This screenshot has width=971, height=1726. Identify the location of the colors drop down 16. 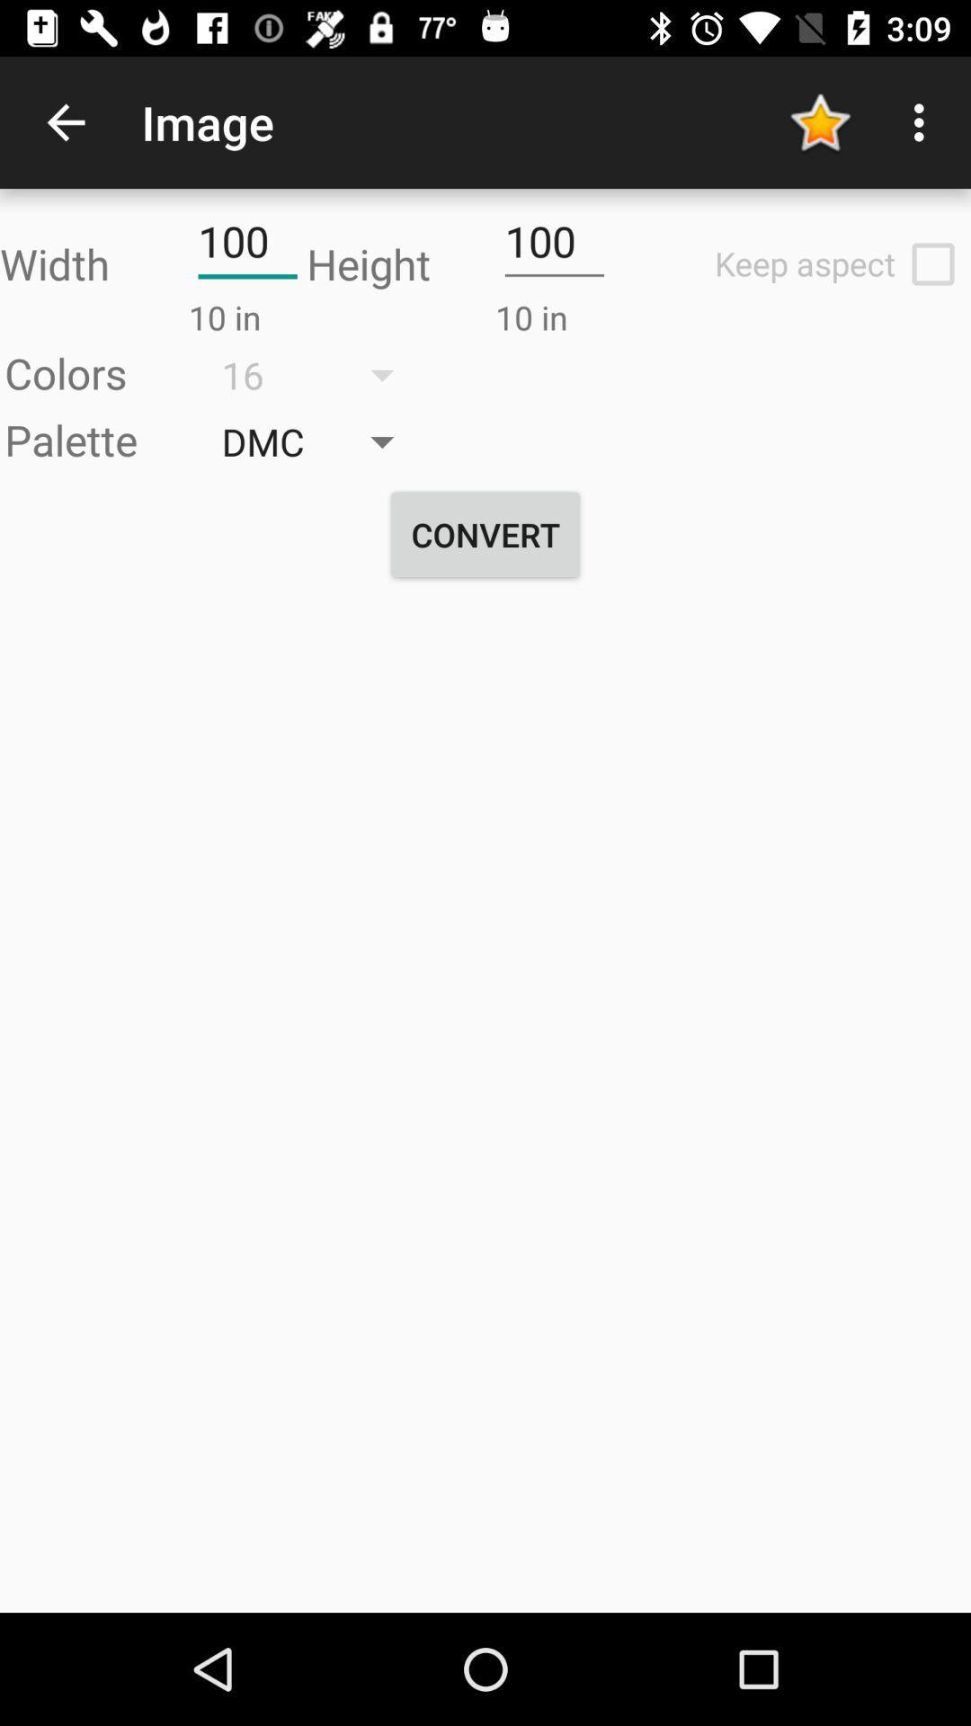
(320, 374).